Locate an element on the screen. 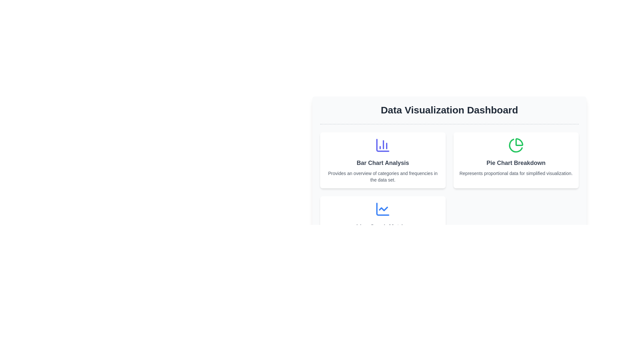  the circular icon resembling a pie chart with a green stroke on a white background, located at the center-top of the `Pie Chart Breakdown` card is located at coordinates (515, 145).